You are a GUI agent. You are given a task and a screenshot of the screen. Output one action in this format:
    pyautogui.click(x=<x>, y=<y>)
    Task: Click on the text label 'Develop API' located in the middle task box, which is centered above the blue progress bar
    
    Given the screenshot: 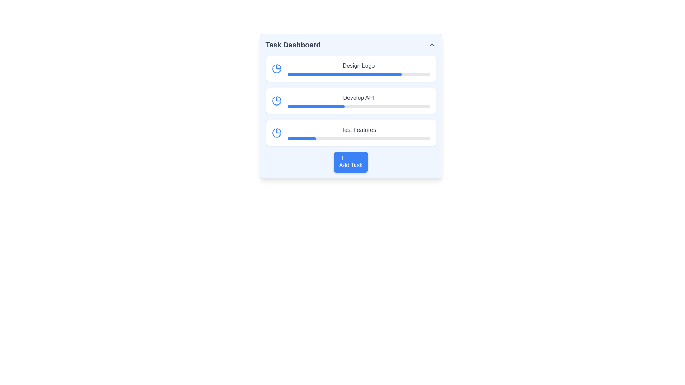 What is the action you would take?
    pyautogui.click(x=359, y=98)
    